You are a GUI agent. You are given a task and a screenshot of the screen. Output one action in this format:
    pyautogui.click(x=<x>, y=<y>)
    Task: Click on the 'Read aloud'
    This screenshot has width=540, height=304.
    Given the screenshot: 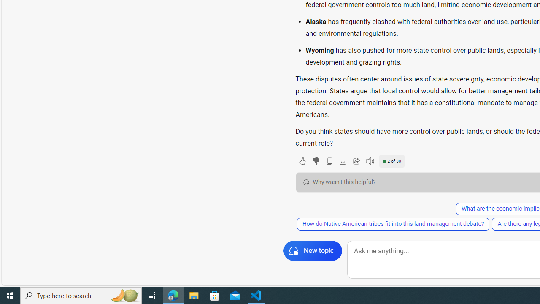 What is the action you would take?
    pyautogui.click(x=370, y=161)
    